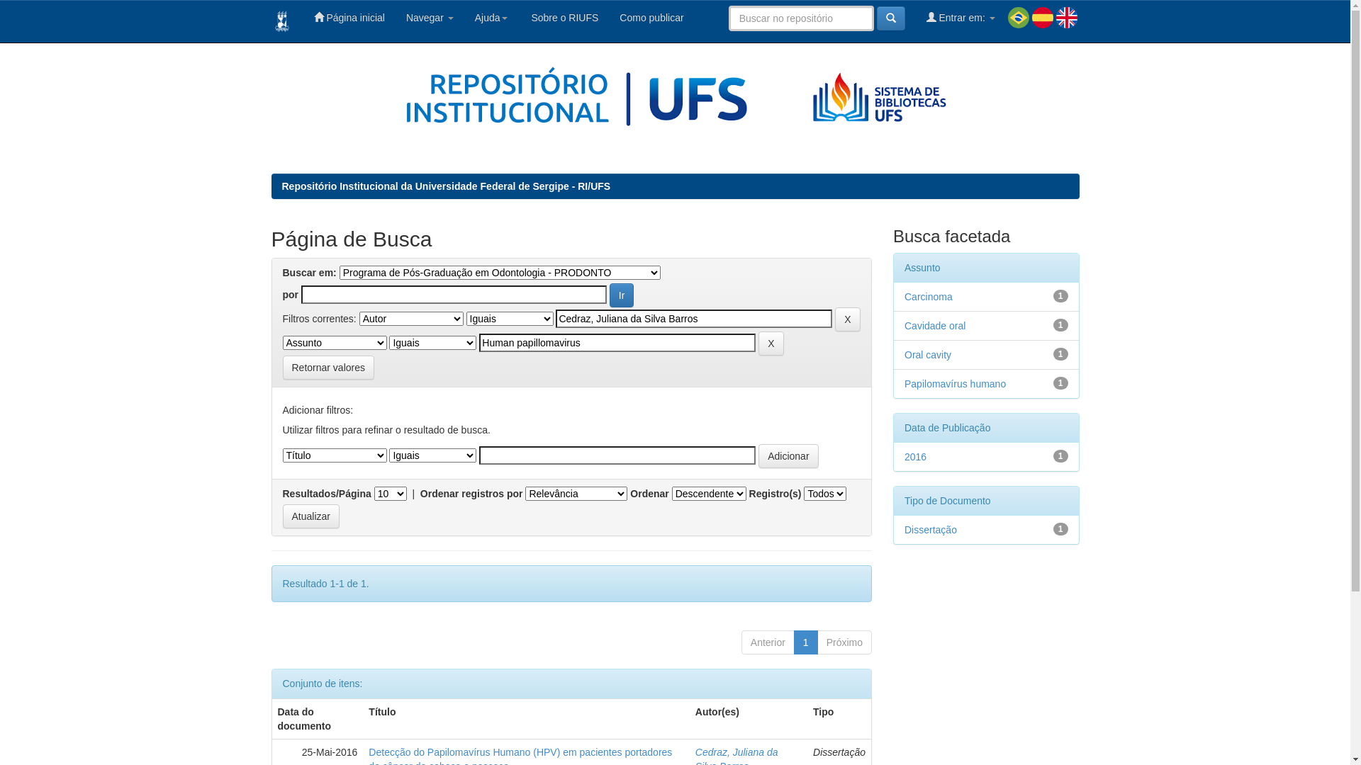  I want to click on 'Como publicar', so click(650, 17).